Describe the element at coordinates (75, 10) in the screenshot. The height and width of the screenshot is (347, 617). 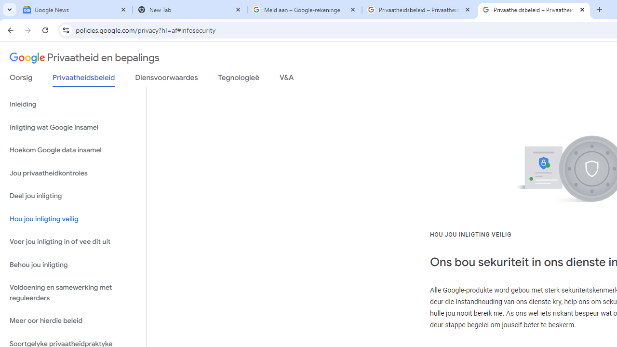
I see `'Google News'` at that location.